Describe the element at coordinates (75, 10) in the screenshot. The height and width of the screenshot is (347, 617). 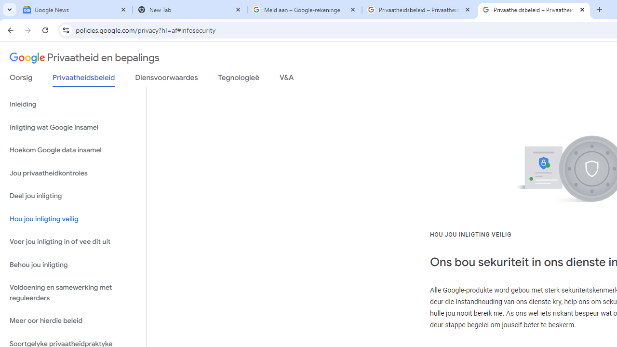
I see `'Google News'` at that location.